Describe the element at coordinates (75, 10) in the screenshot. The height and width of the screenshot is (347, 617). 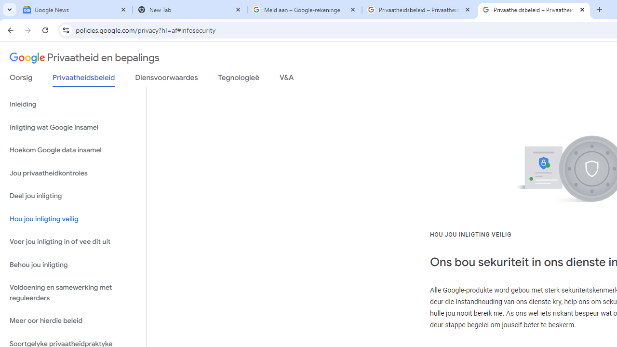
I see `'Google News'` at that location.